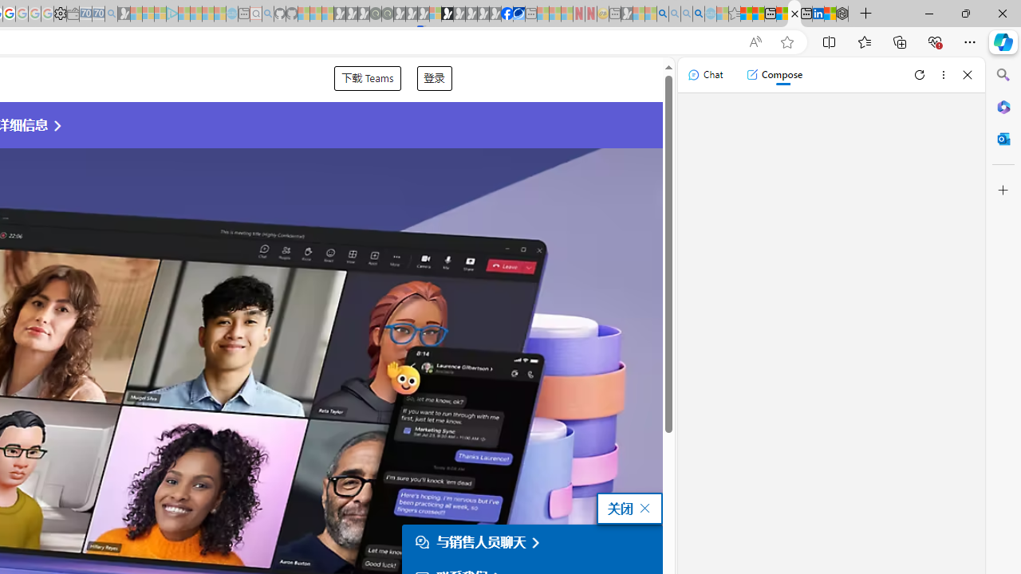  I want to click on 'Aberdeen, Hong Kong SAR weather forecast | Microsoft Weather', so click(757, 14).